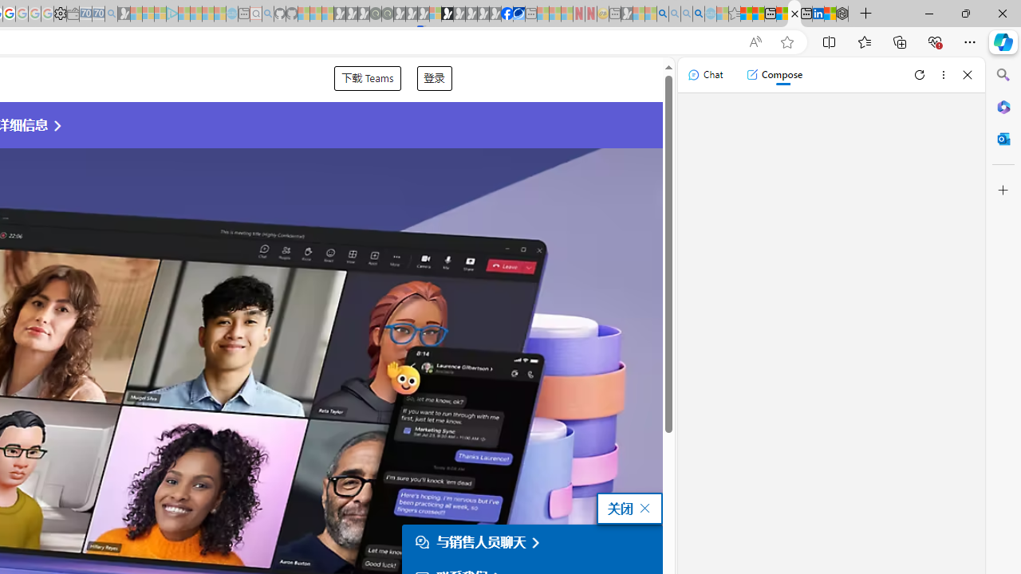  I want to click on 'Aberdeen, Hong Kong SAR weather forecast | Microsoft Weather', so click(757, 14).